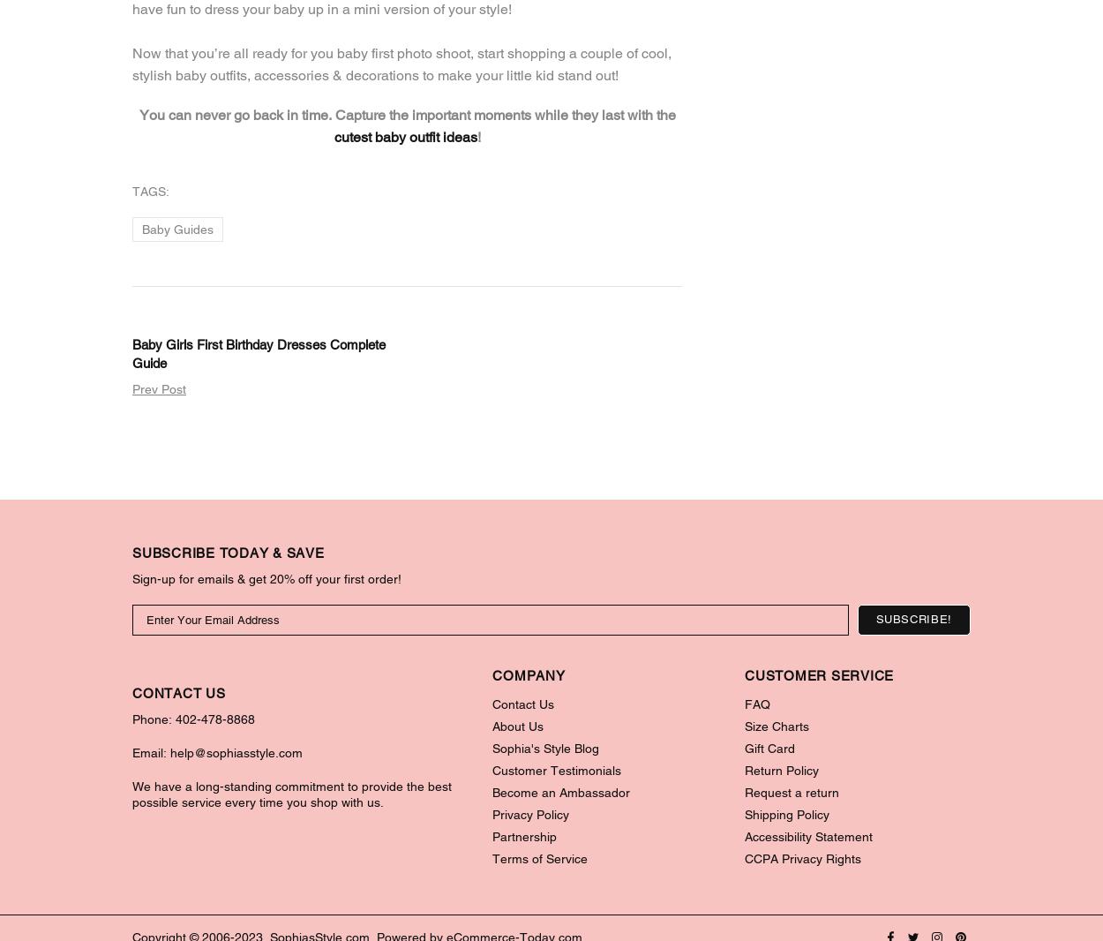 The image size is (1103, 941). What do you see at coordinates (792, 792) in the screenshot?
I see `'Request a return'` at bounding box center [792, 792].